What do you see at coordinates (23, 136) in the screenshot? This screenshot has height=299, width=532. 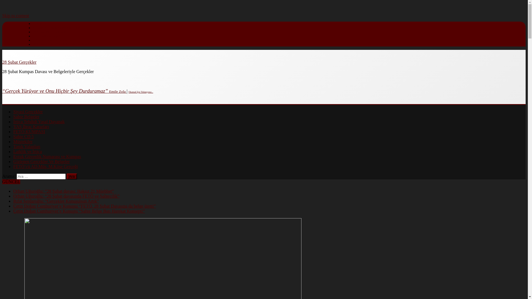 I see `'Sahte CD 5'` at bounding box center [23, 136].